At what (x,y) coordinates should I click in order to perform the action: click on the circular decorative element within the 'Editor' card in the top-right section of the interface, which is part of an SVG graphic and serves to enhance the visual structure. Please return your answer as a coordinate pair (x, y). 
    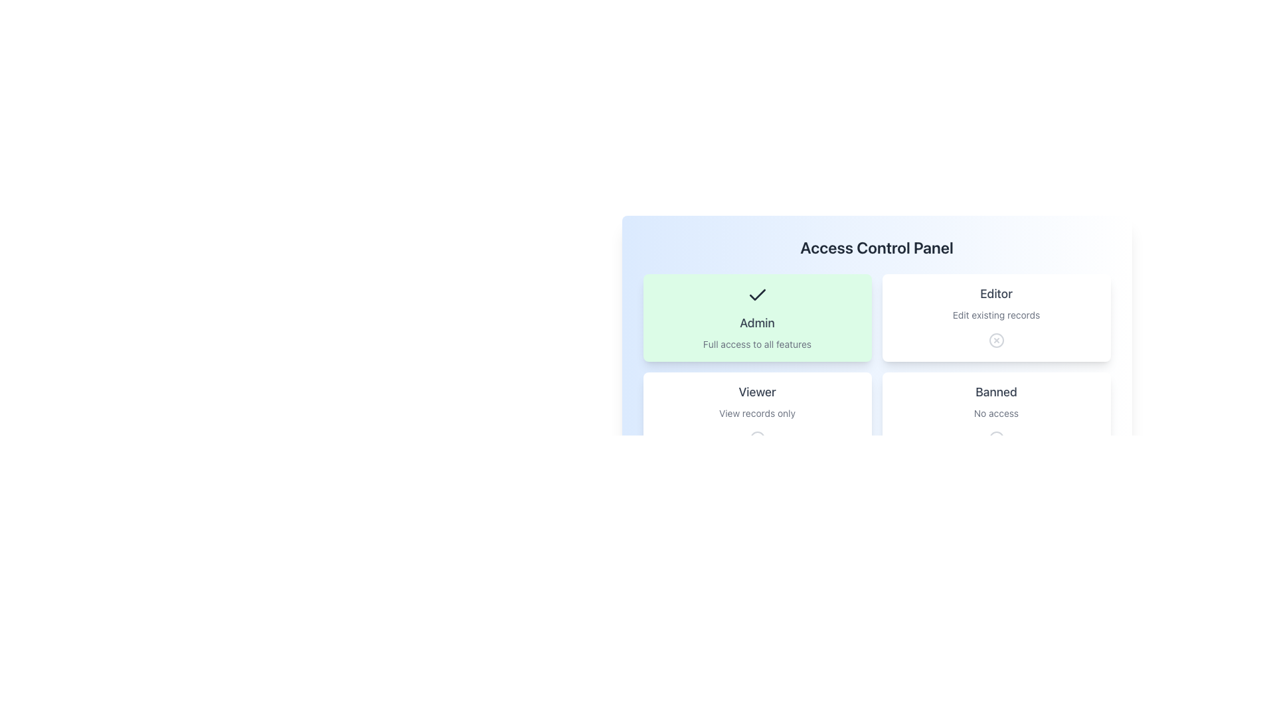
    Looking at the image, I should click on (996, 340).